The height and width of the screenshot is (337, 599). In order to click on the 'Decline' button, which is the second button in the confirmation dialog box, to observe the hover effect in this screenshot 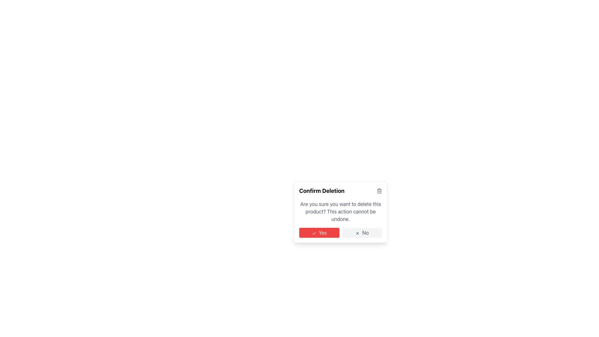, I will do `click(362, 232)`.